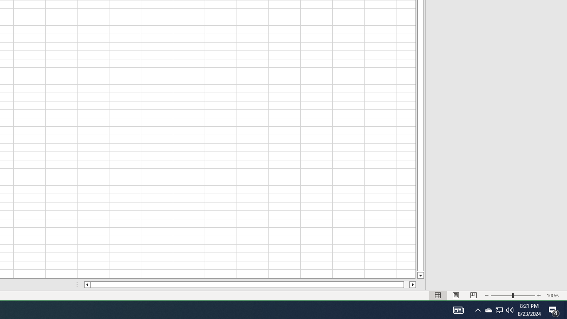  Describe the element at coordinates (458, 309) in the screenshot. I see `'AutomationID: 4105'` at that location.